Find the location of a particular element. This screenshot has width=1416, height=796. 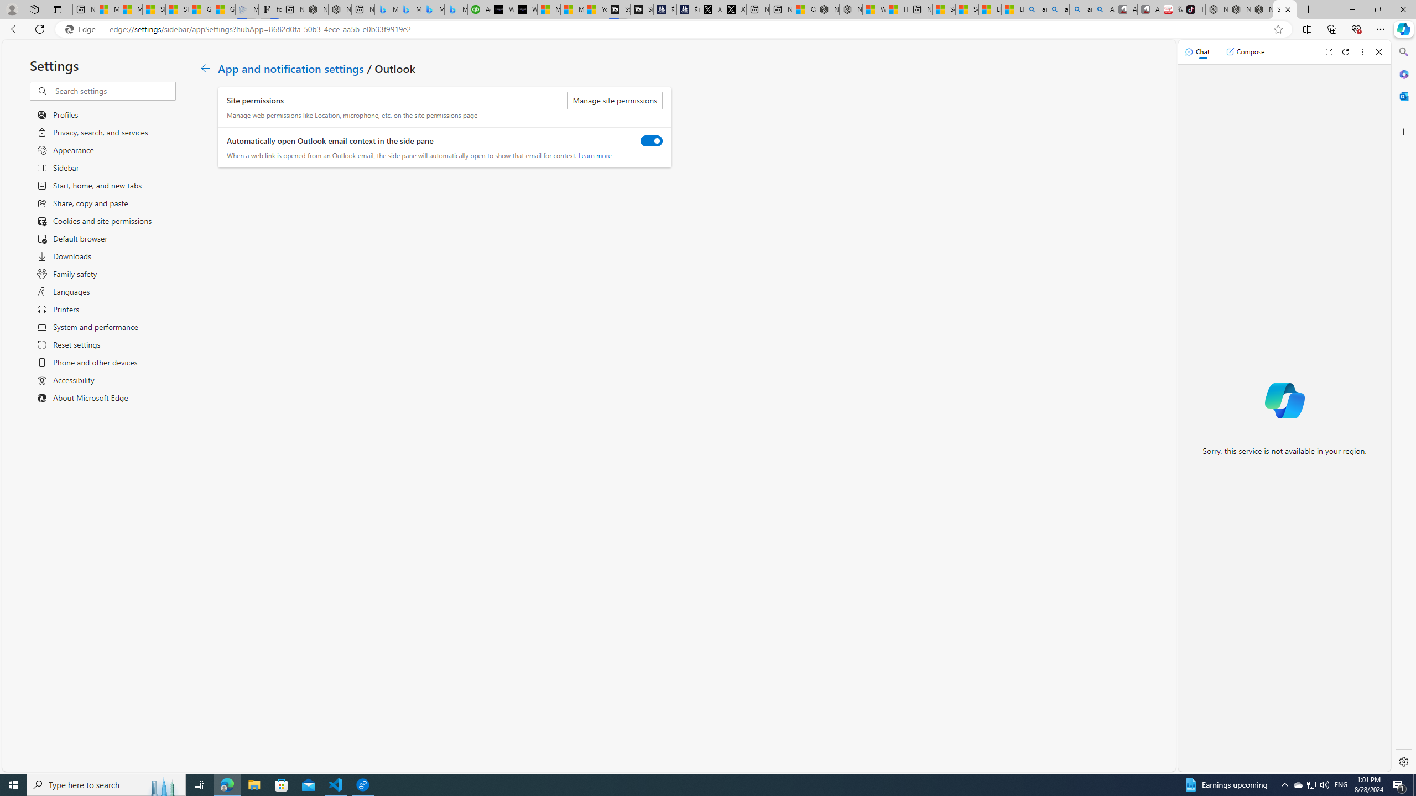

'Amazon Echo Robot - Search Images' is located at coordinates (1103, 9).